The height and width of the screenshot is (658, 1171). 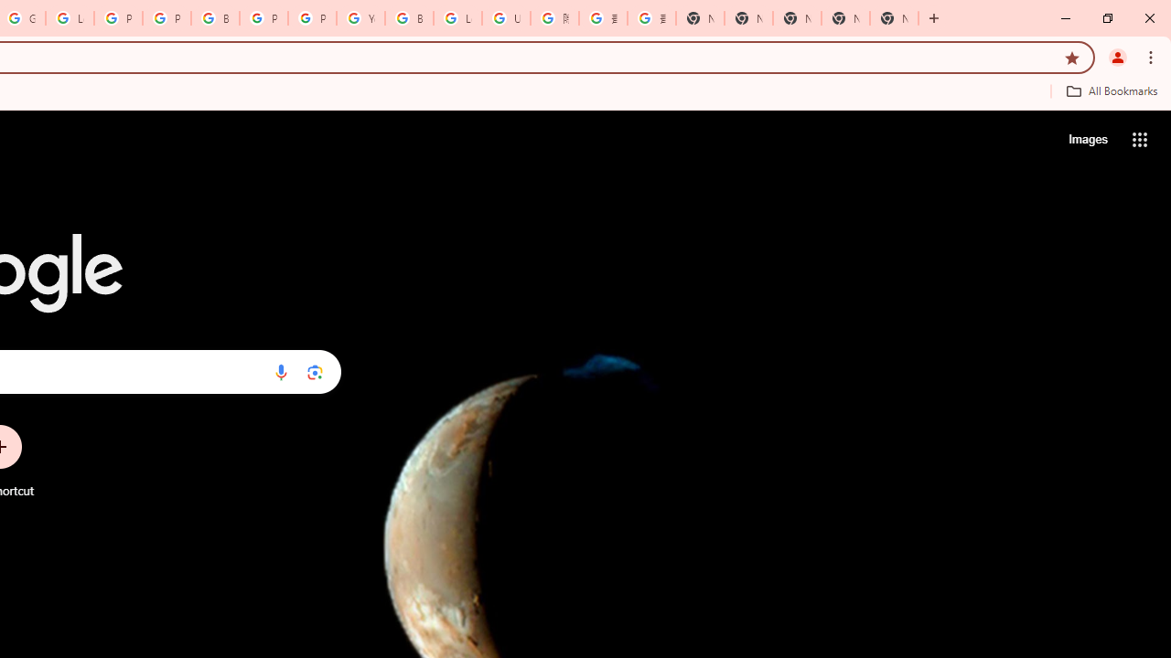 I want to click on 'Privacy Help Center - Policies Help', so click(x=167, y=18).